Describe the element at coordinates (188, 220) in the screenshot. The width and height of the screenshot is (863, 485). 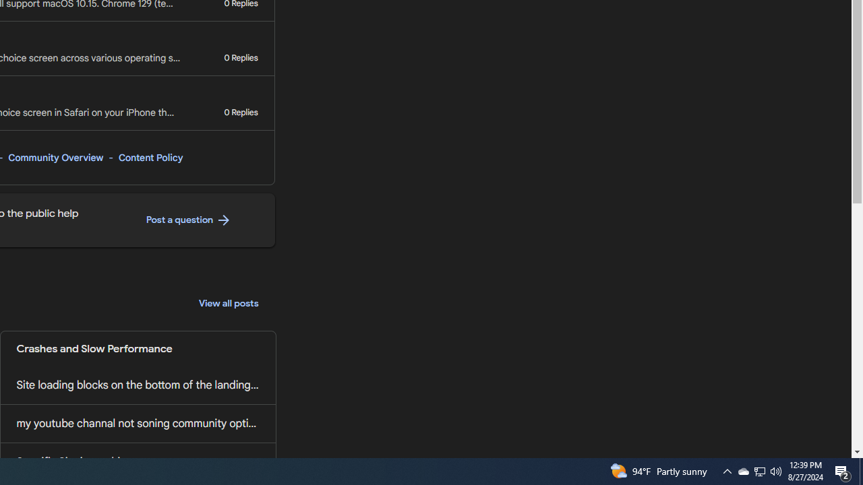
I see `'Post a question '` at that location.